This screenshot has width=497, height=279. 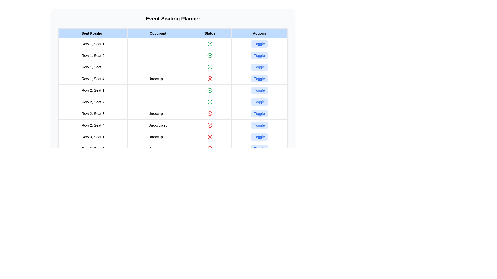 I want to click on the button, so click(x=259, y=113).